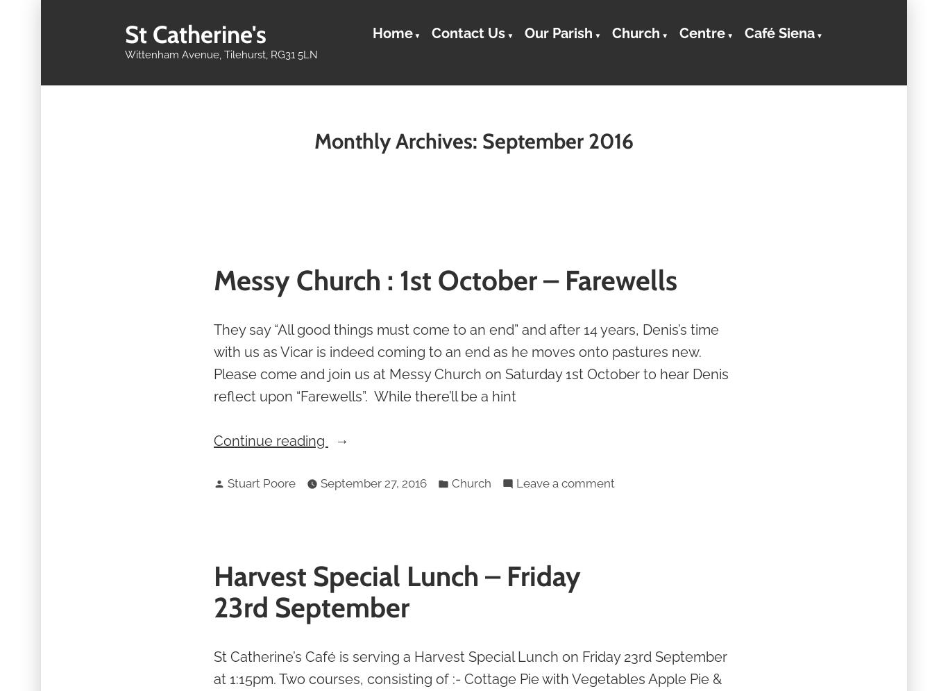  What do you see at coordinates (482, 140) in the screenshot?
I see `'September 2016'` at bounding box center [482, 140].